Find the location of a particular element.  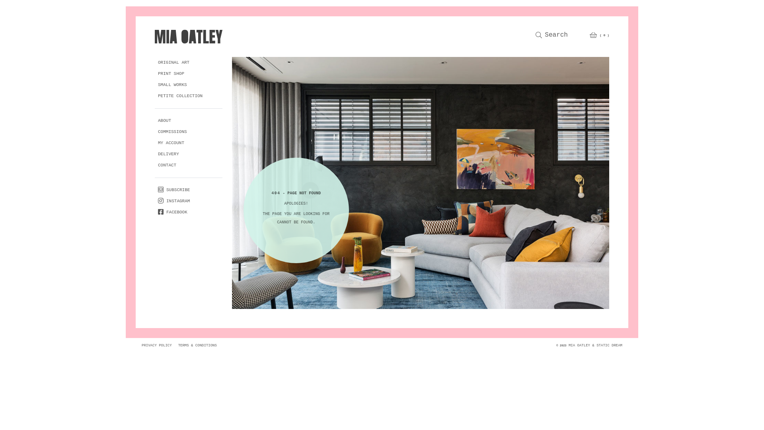

'Subscribe' is located at coordinates (173, 190).